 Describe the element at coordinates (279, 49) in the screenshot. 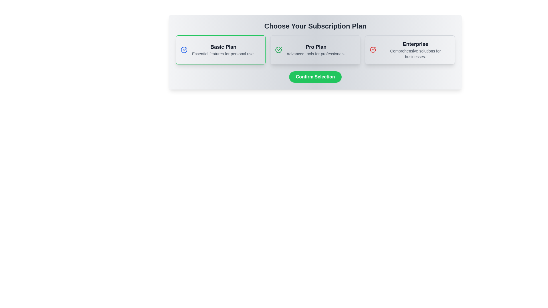

I see `the checkmark icon indicating the selection state of the 'Basic Plan' in the subscription plan selection interface to detect any hover-specific effects` at that location.